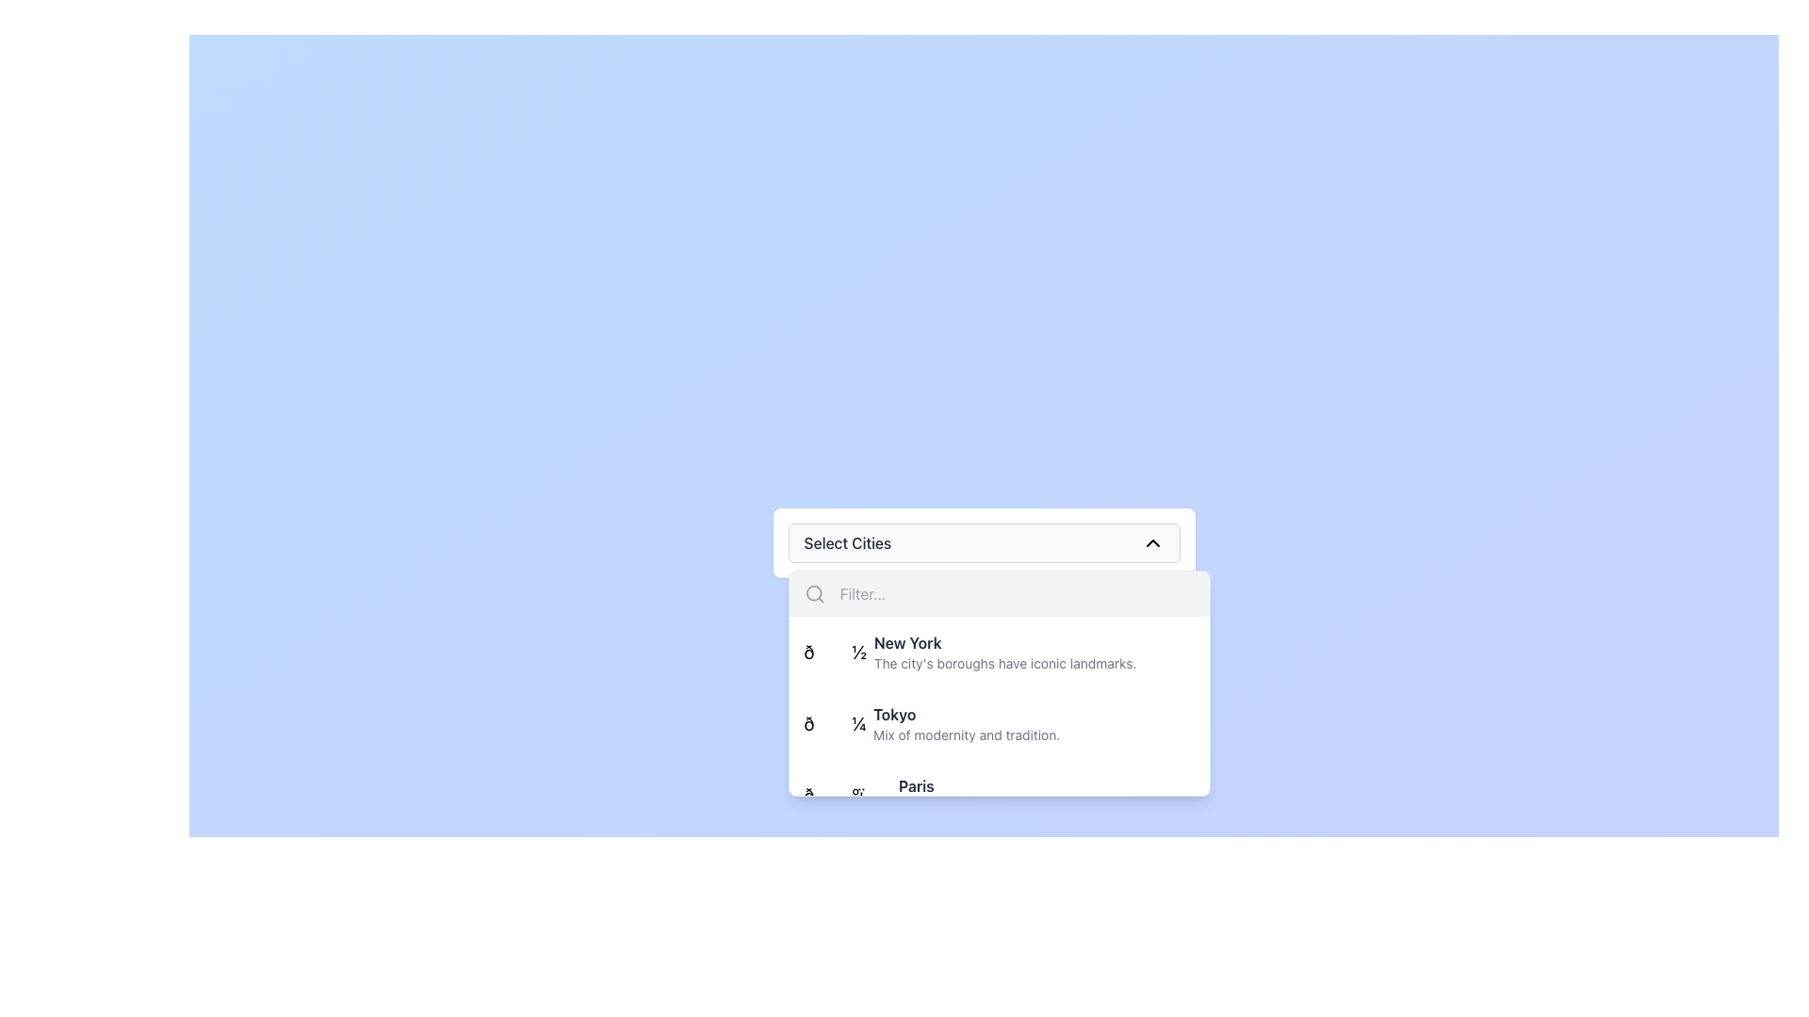 The width and height of the screenshot is (1809, 1017). I want to click on the first list item in the dropdown under 'Select Cities', which contains an emoji and the title 'New York' with the description 'The city's boroughs have iconic landmarks.', so click(970, 652).